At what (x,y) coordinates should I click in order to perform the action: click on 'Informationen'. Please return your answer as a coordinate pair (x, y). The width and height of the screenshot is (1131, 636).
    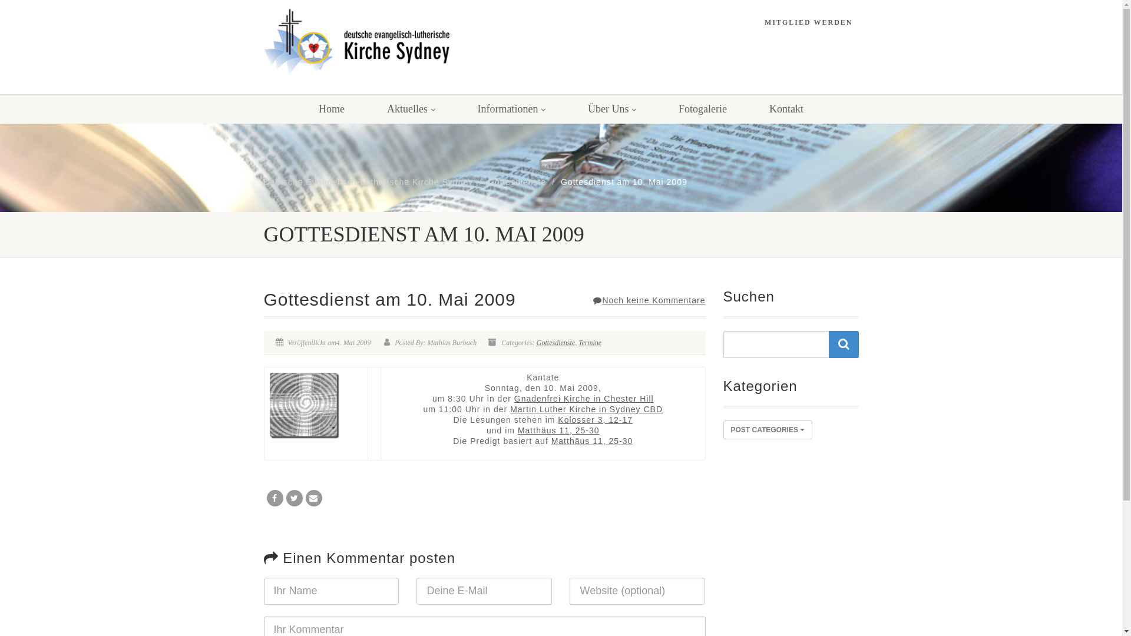
    Looking at the image, I should click on (511, 109).